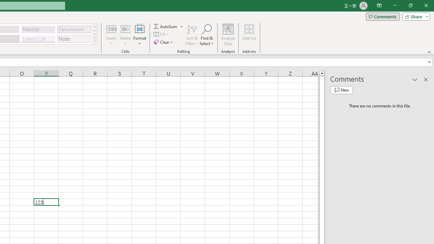 Image resolution: width=434 pixels, height=244 pixels. What do you see at coordinates (206, 35) in the screenshot?
I see `'Find & Select'` at bounding box center [206, 35].